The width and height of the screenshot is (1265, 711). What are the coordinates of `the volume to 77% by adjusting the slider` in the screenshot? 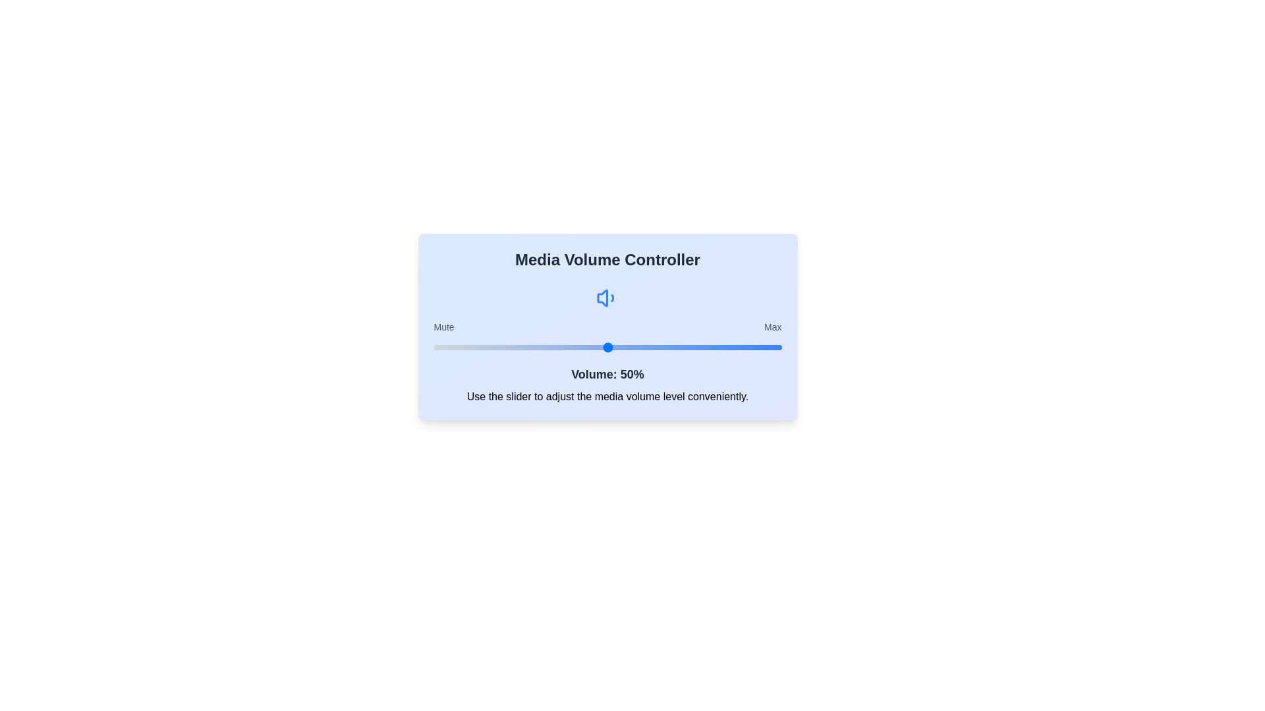 It's located at (701, 347).